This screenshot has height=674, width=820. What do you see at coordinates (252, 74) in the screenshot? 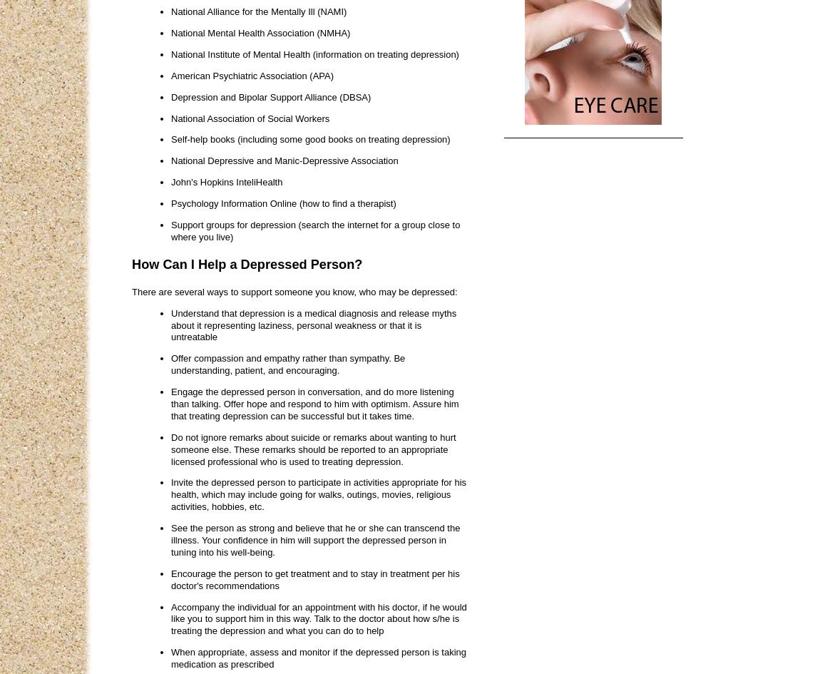
I see `'American Psychiatric Association (APA)'` at bounding box center [252, 74].